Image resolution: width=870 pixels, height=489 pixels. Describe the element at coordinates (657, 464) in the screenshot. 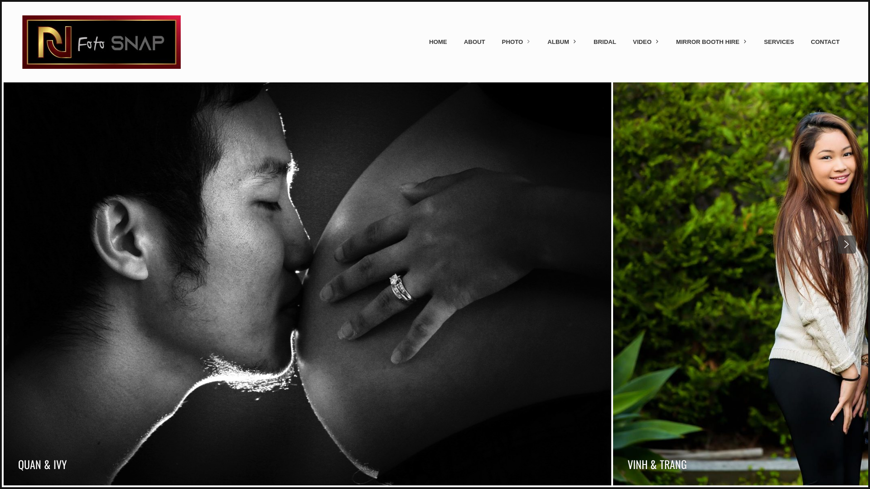

I see `'VINH & TRANG'` at that location.